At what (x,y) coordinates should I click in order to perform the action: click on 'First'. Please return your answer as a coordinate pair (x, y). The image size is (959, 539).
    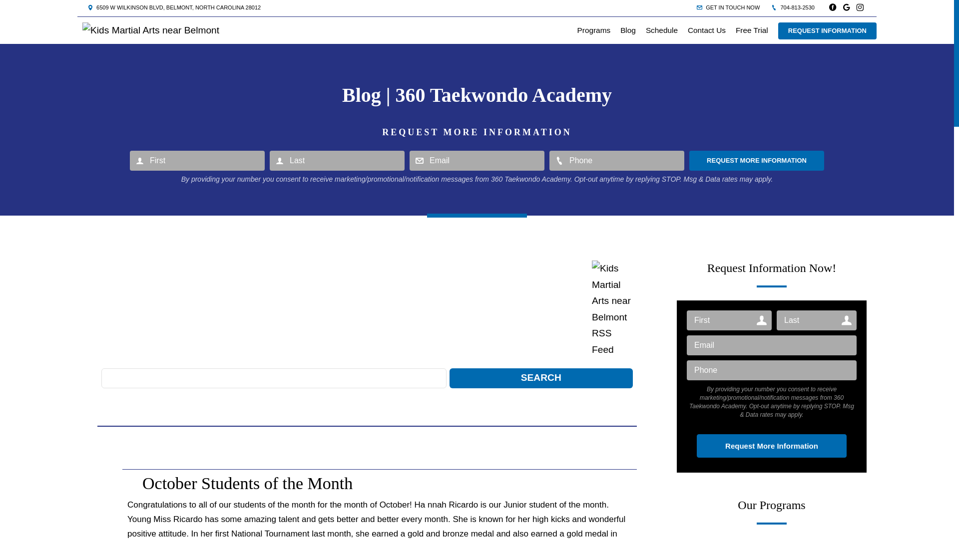
    Looking at the image, I should click on (129, 160).